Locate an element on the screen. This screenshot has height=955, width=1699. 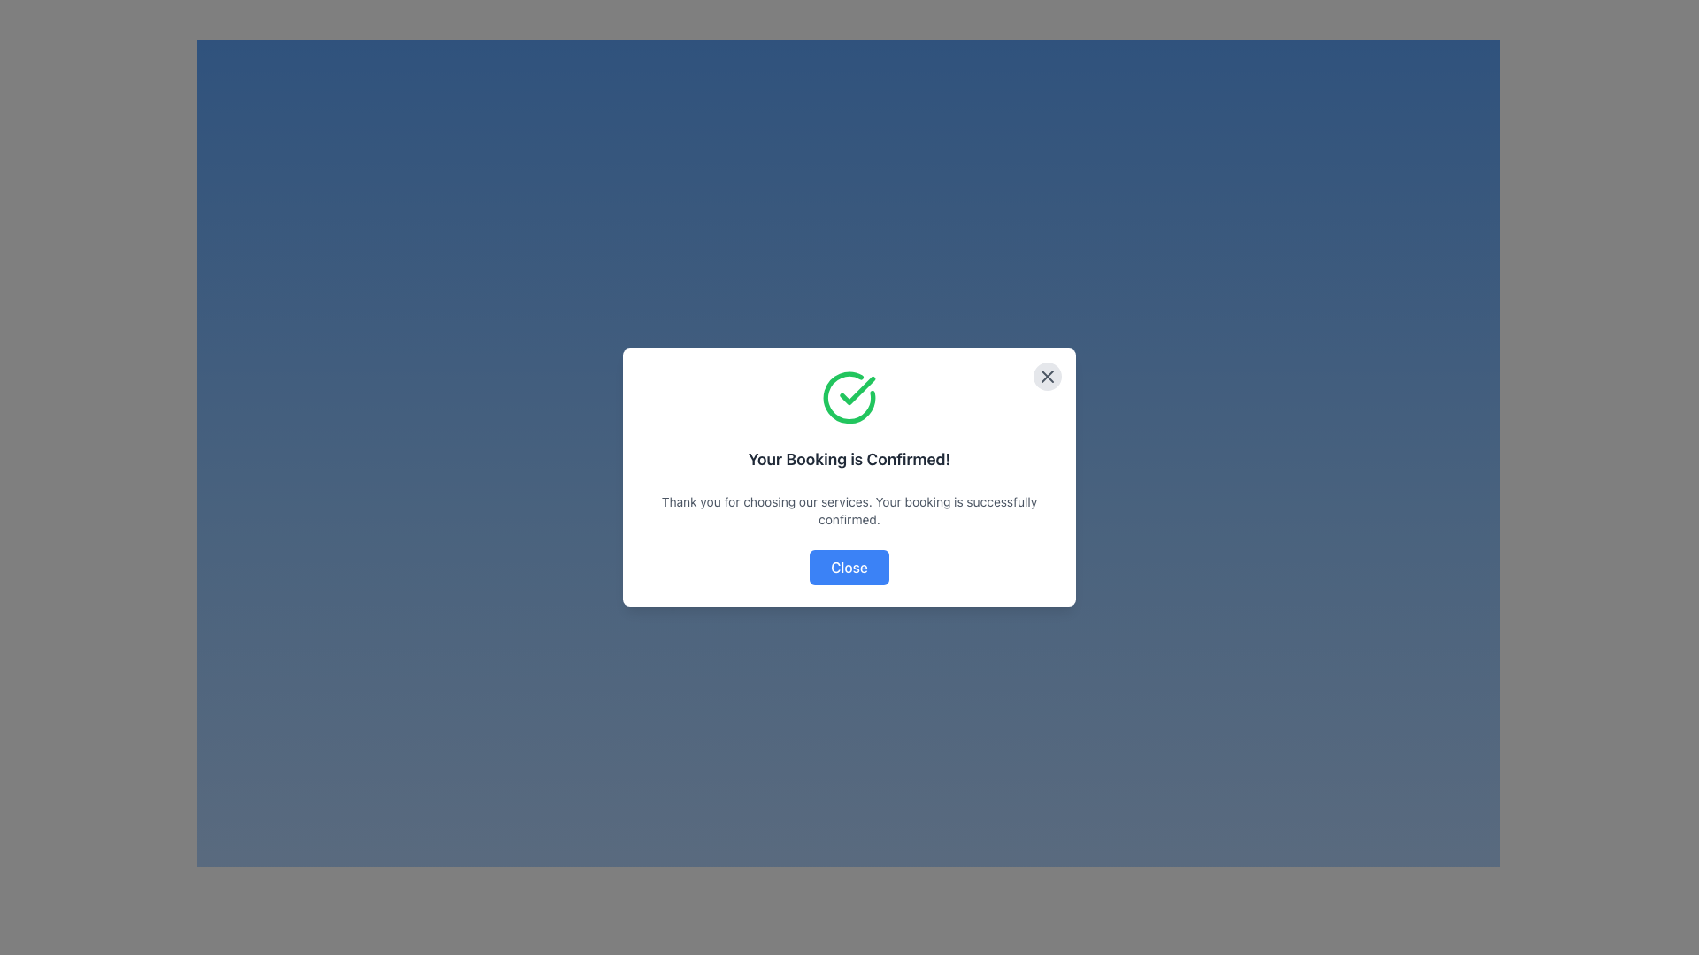
the success confirmation icon located at the top center of the modal dialog box, directly above the 'Your Booking is Confirmed!' message is located at coordinates (849, 398).